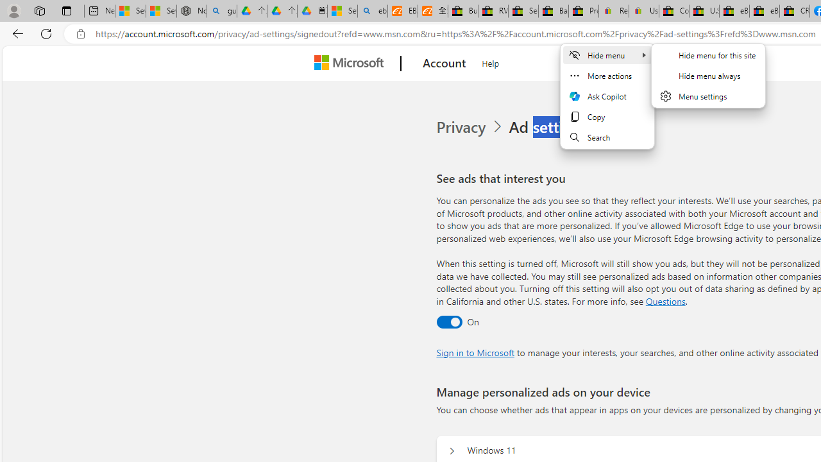 This screenshot has width=821, height=462. I want to click on 'Mini menu on text selection', so click(607, 103).